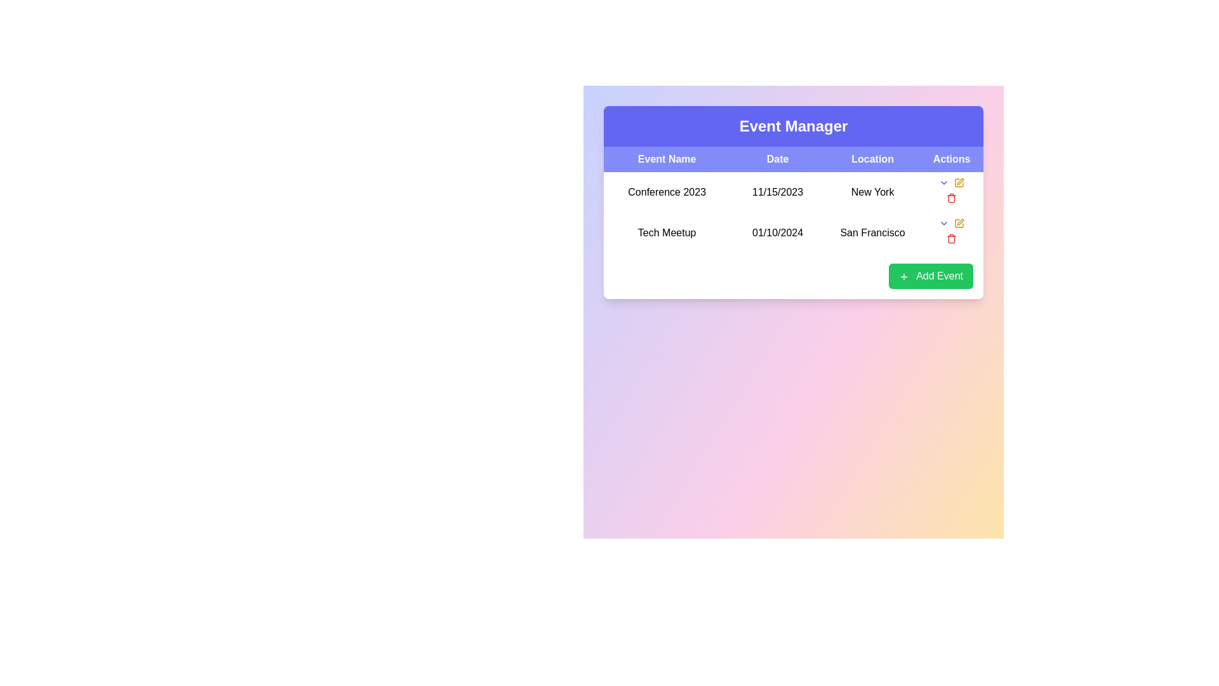 The width and height of the screenshot is (1219, 686). I want to click on the delete button located in the 'Actions' column of the 'Tech Meetup' event row, so click(951, 232).